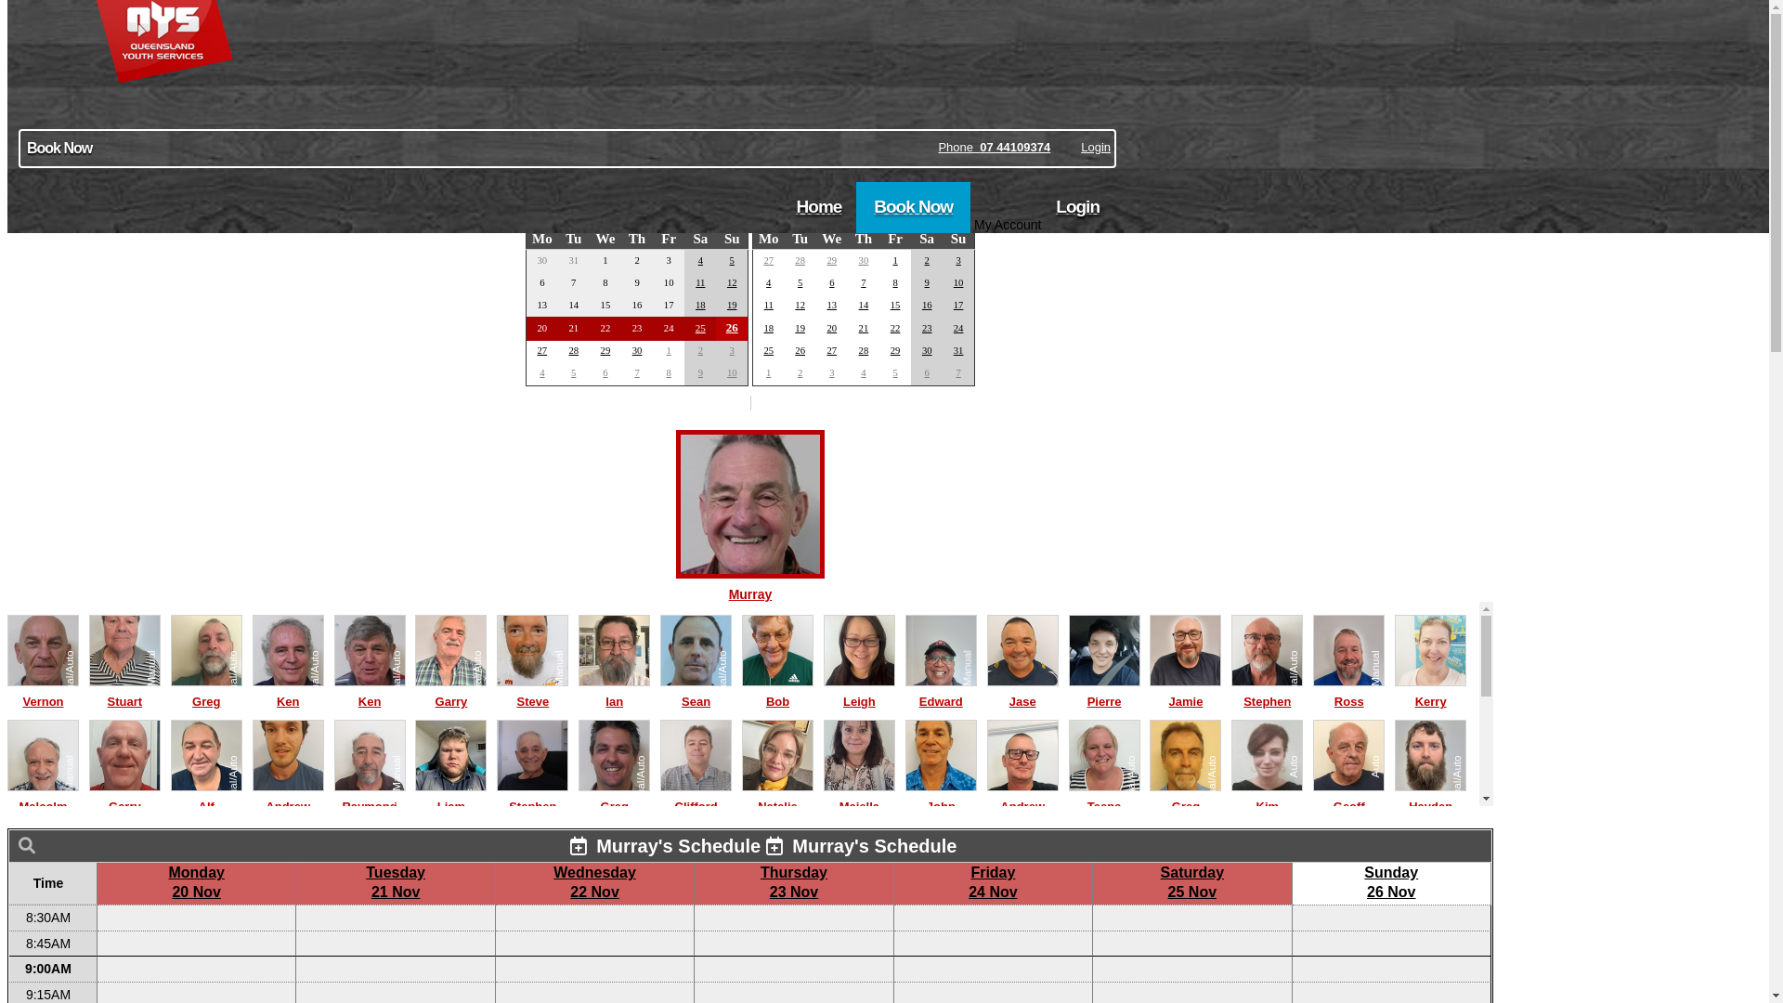 This screenshot has width=1783, height=1003. Describe the element at coordinates (768, 282) in the screenshot. I see `'4'` at that location.